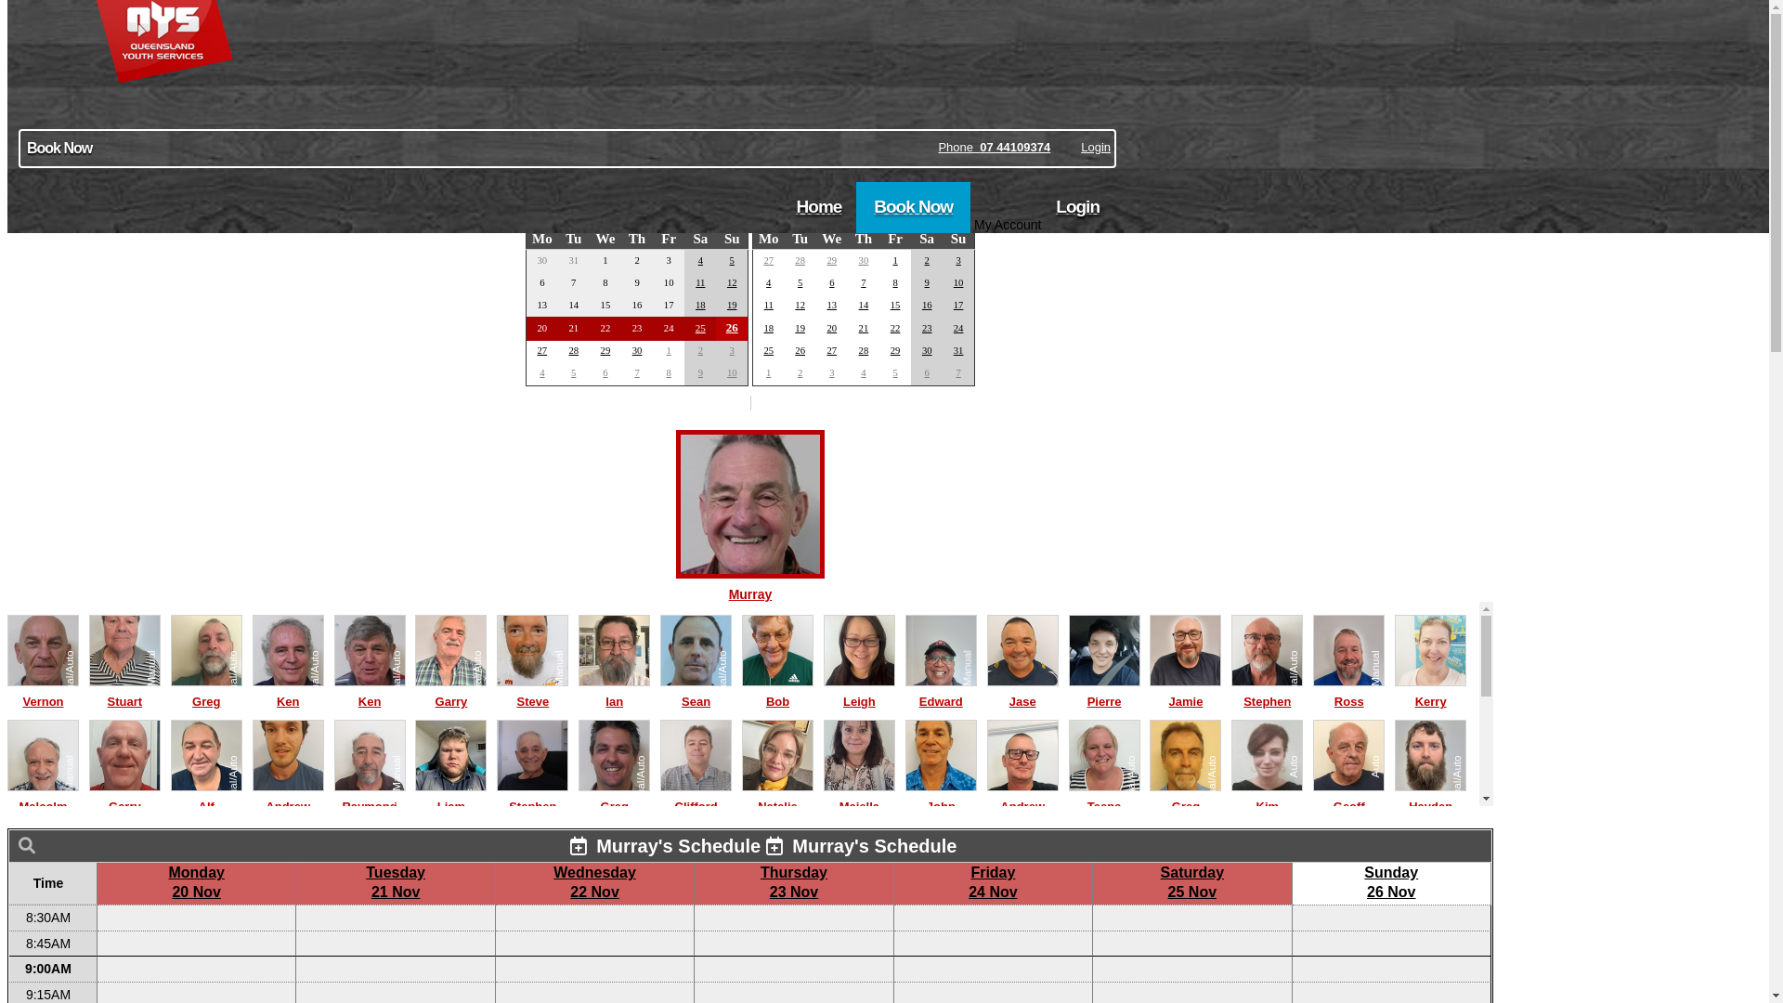 This screenshot has width=1783, height=1003. Describe the element at coordinates (768, 282) in the screenshot. I see `'4'` at that location.